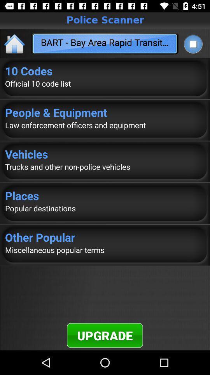 The image size is (210, 375). Describe the element at coordinates (105, 71) in the screenshot. I see `app above the official 10 code item` at that location.